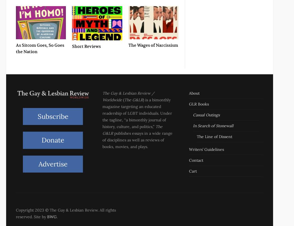  What do you see at coordinates (51, 216) in the screenshot?
I see `'BWG'` at bounding box center [51, 216].